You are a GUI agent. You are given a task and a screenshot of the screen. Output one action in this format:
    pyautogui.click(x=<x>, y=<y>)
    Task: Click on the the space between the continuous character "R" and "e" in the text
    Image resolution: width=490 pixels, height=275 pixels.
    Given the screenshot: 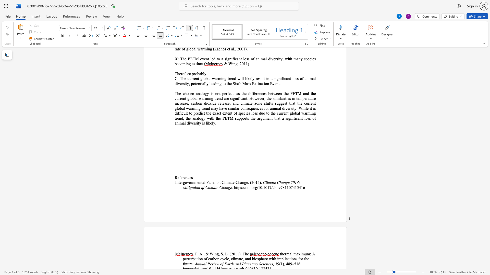 What is the action you would take?
    pyautogui.click(x=177, y=177)
    